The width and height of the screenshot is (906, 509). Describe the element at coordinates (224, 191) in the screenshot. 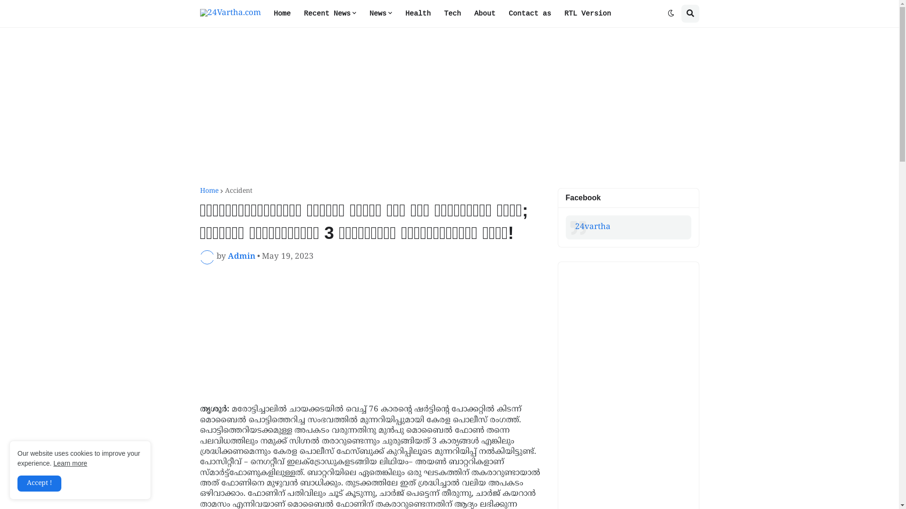

I see `'Accident'` at that location.